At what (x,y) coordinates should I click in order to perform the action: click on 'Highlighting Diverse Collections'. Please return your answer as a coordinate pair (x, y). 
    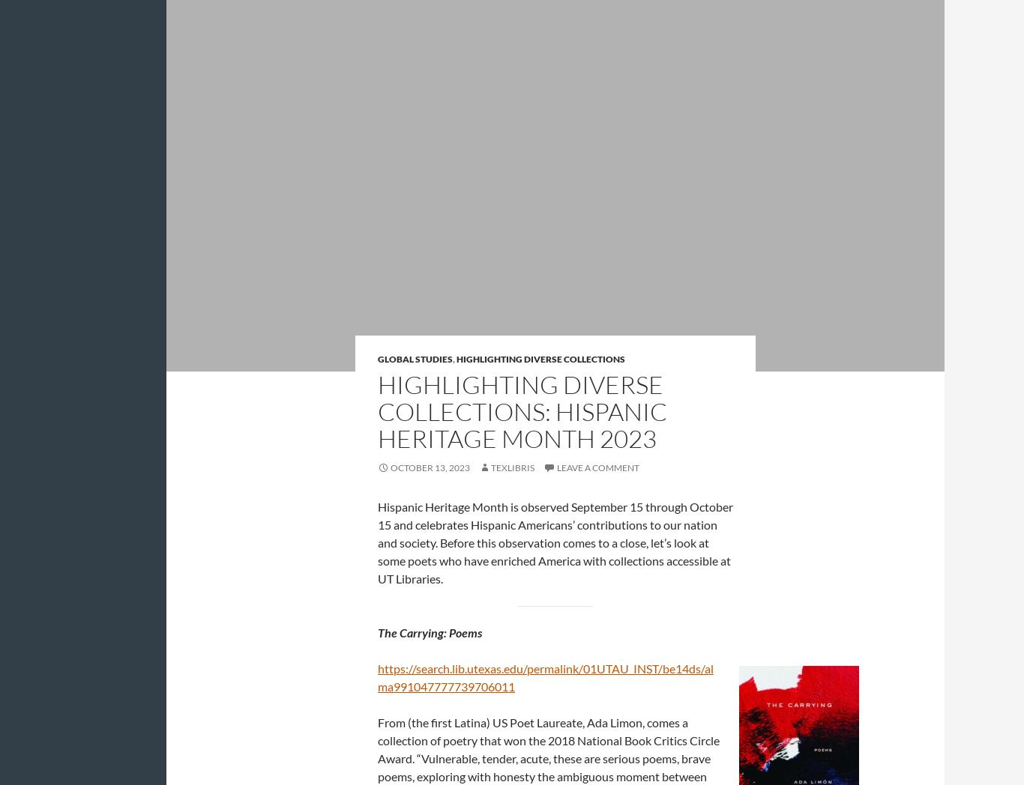
    Looking at the image, I should click on (540, 357).